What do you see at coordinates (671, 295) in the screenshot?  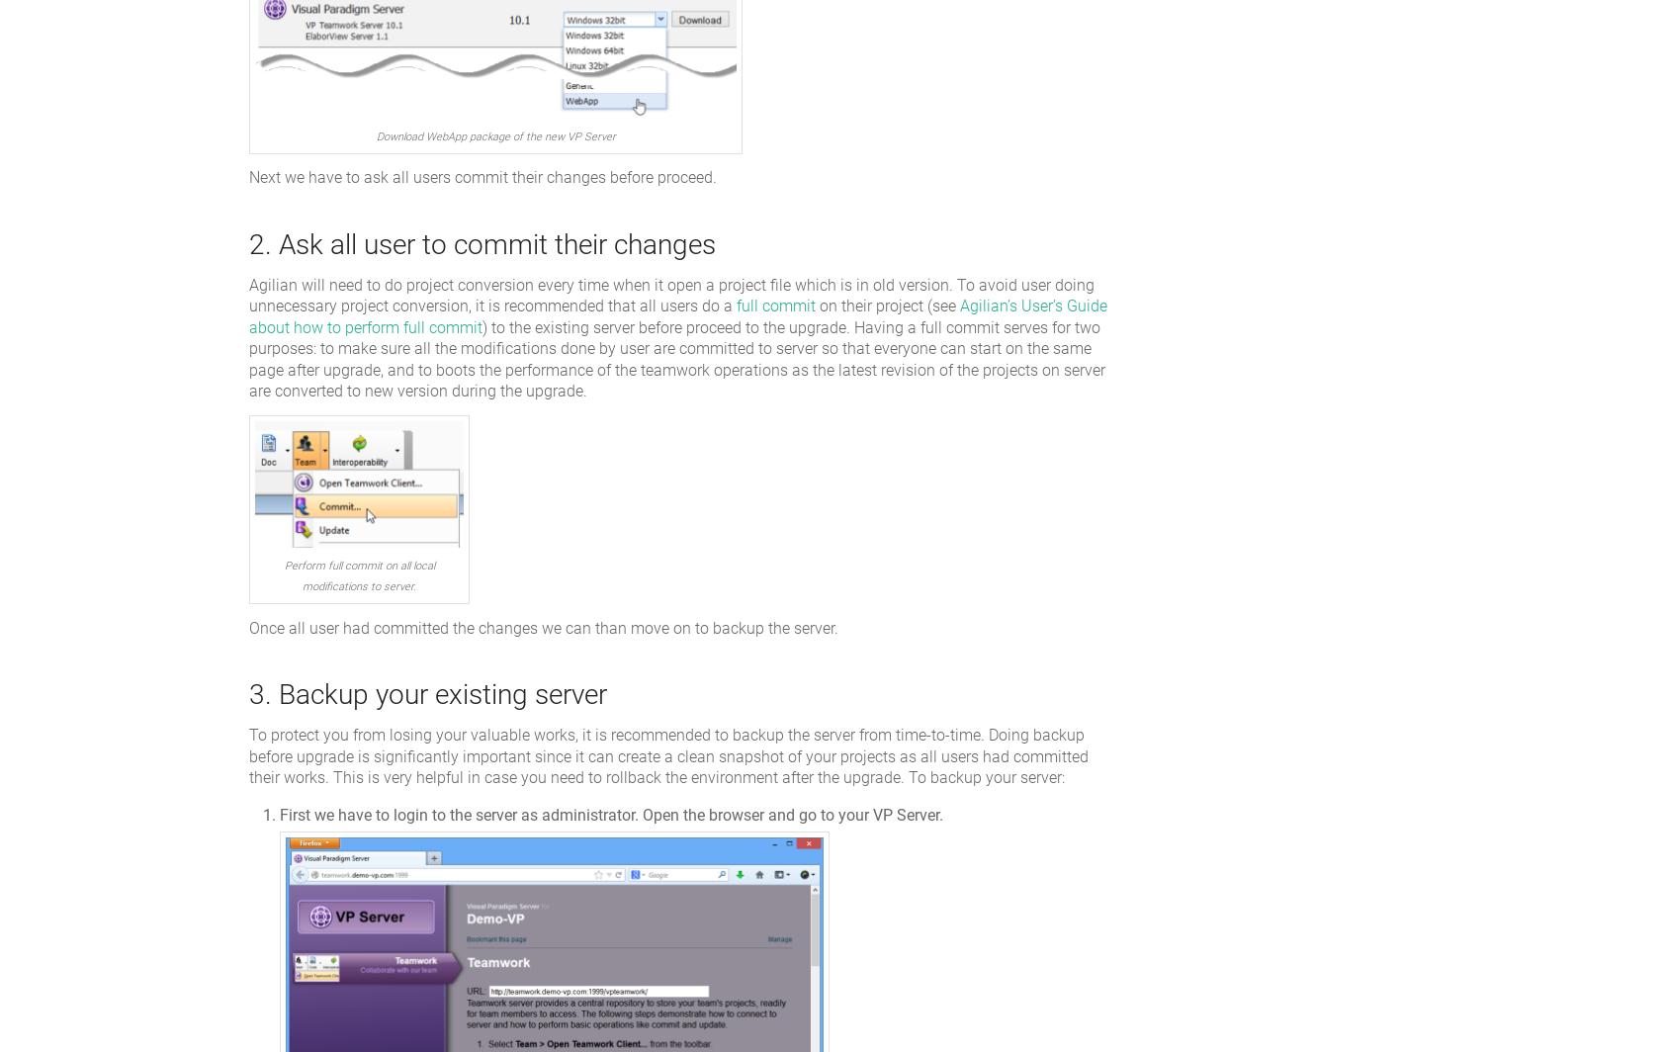 I see `'Agilian will need to do project conversion every time when it open a project file which is in old version. To avoid user doing unnecessary project conversion, it is recommended that all users do a'` at bounding box center [671, 295].